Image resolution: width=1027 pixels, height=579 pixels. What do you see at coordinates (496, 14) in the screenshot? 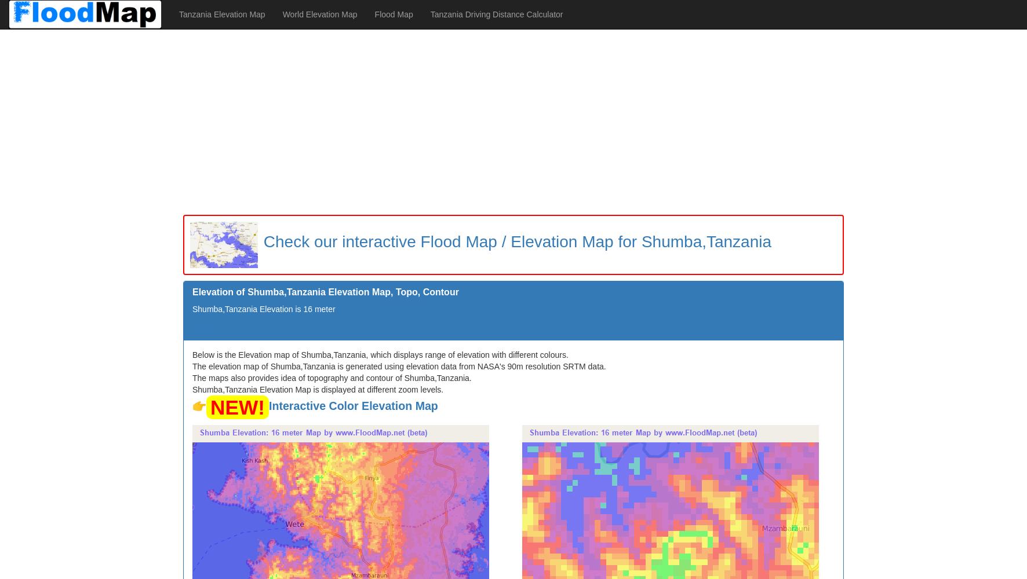
I see `'Tanzania Driving Distance Calculator'` at bounding box center [496, 14].